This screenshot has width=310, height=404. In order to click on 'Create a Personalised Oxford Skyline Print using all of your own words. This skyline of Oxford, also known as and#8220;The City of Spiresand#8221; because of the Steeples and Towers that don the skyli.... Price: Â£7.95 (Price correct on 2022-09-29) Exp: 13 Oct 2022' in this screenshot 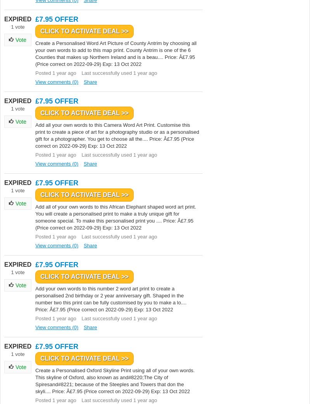, I will do `click(115, 381)`.